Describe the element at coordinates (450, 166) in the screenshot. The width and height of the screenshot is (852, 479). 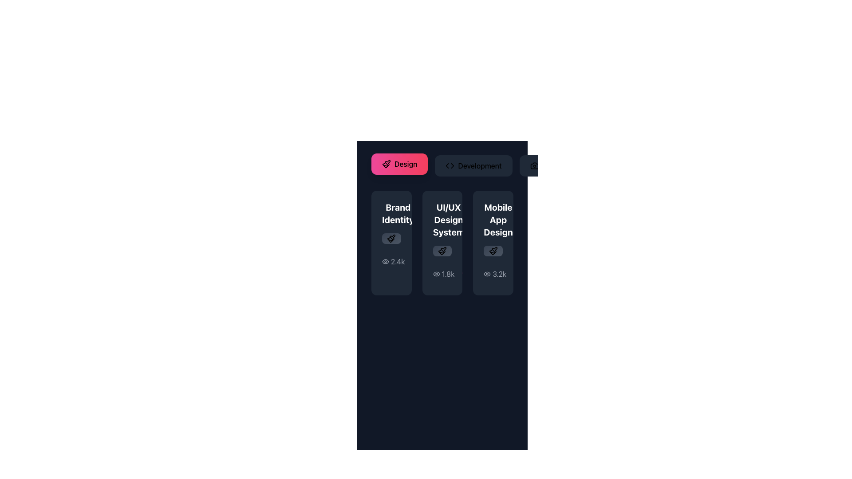
I see `the SVG icon resembling a code symbol, which is positioned next to the text labeled 'Development' within a dark rectangular button` at that location.